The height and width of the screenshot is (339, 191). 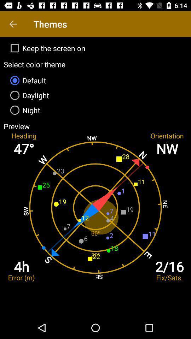 I want to click on the item below default, so click(x=95, y=95).